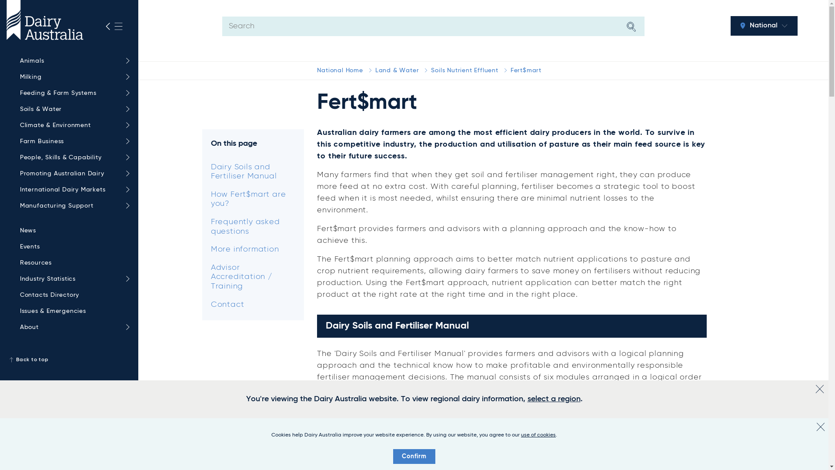  I want to click on 'Contact', so click(202, 305).